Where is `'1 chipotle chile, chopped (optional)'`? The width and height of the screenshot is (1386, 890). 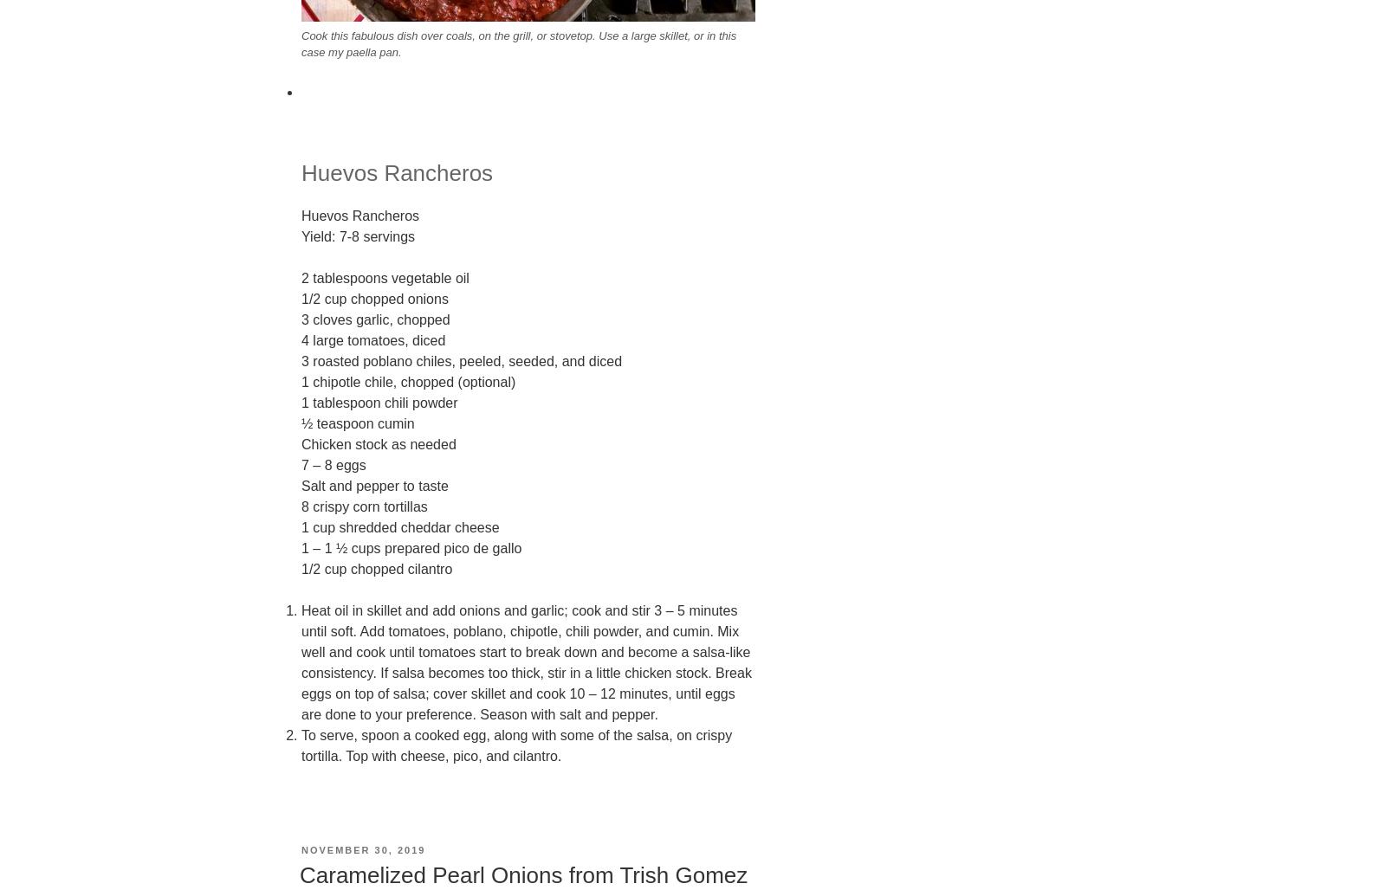
'1 chipotle chile, chopped (optional)' is located at coordinates (407, 381).